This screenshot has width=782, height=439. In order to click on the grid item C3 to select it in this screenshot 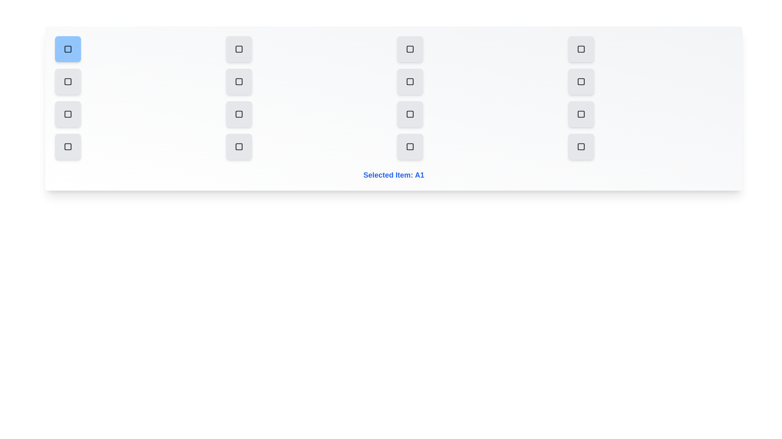, I will do `click(410, 114)`.